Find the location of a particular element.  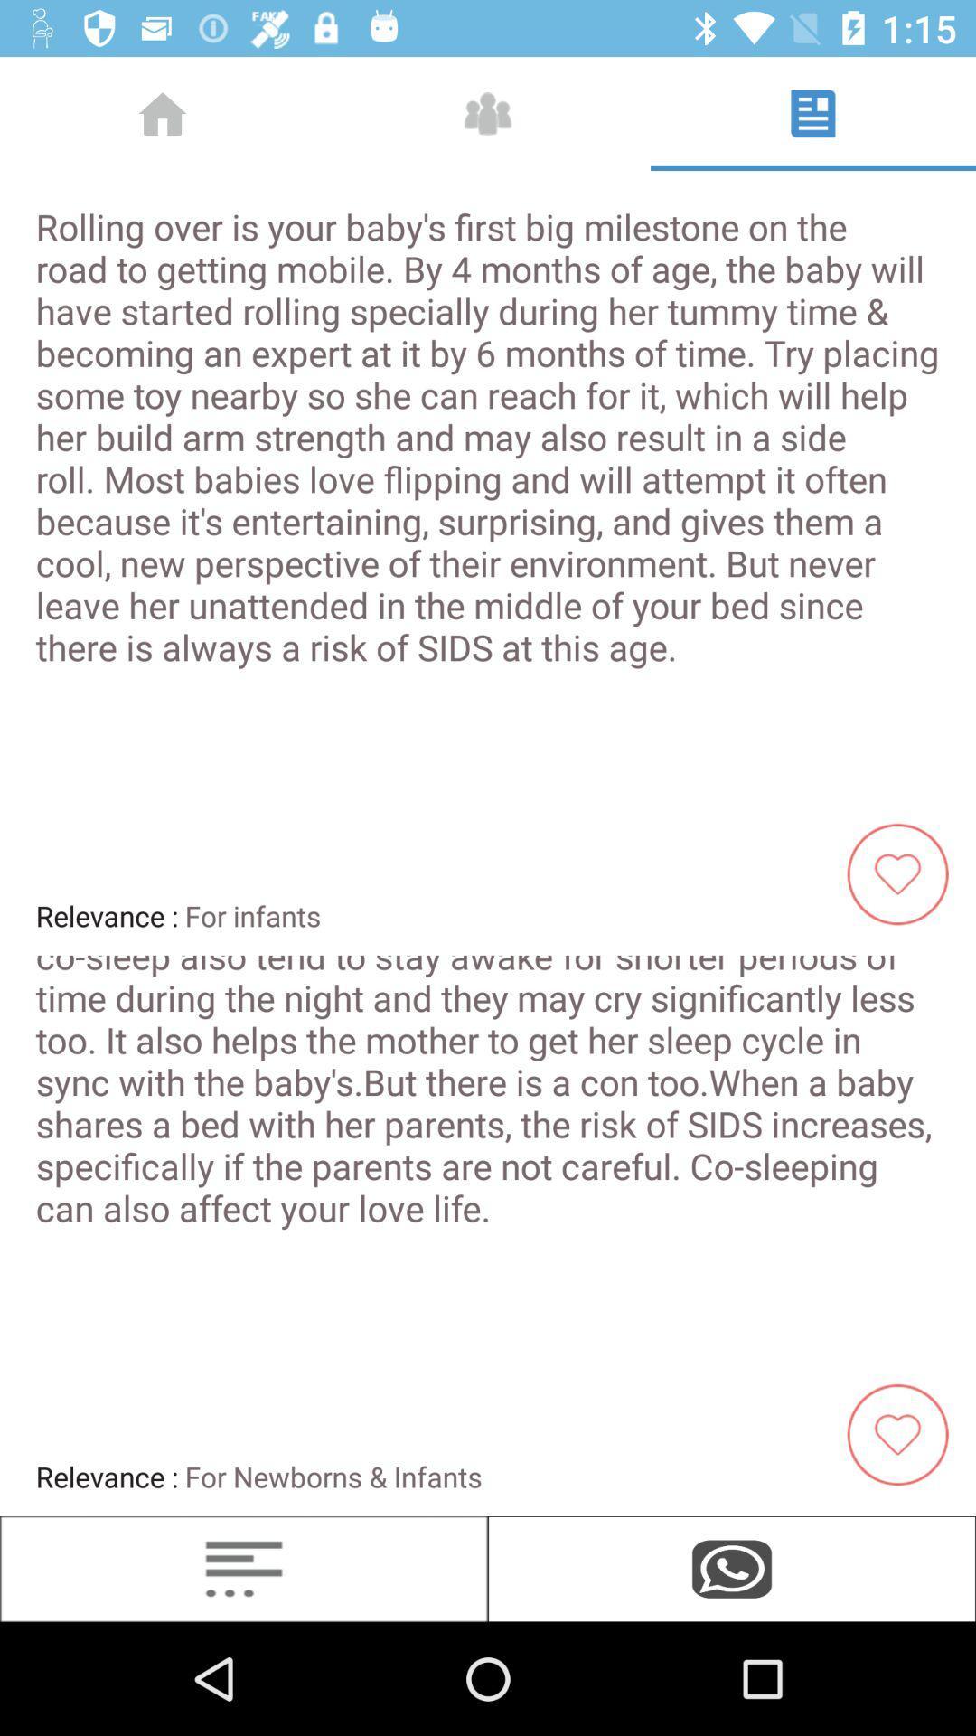

the favorite icon is located at coordinates (905, 1432).